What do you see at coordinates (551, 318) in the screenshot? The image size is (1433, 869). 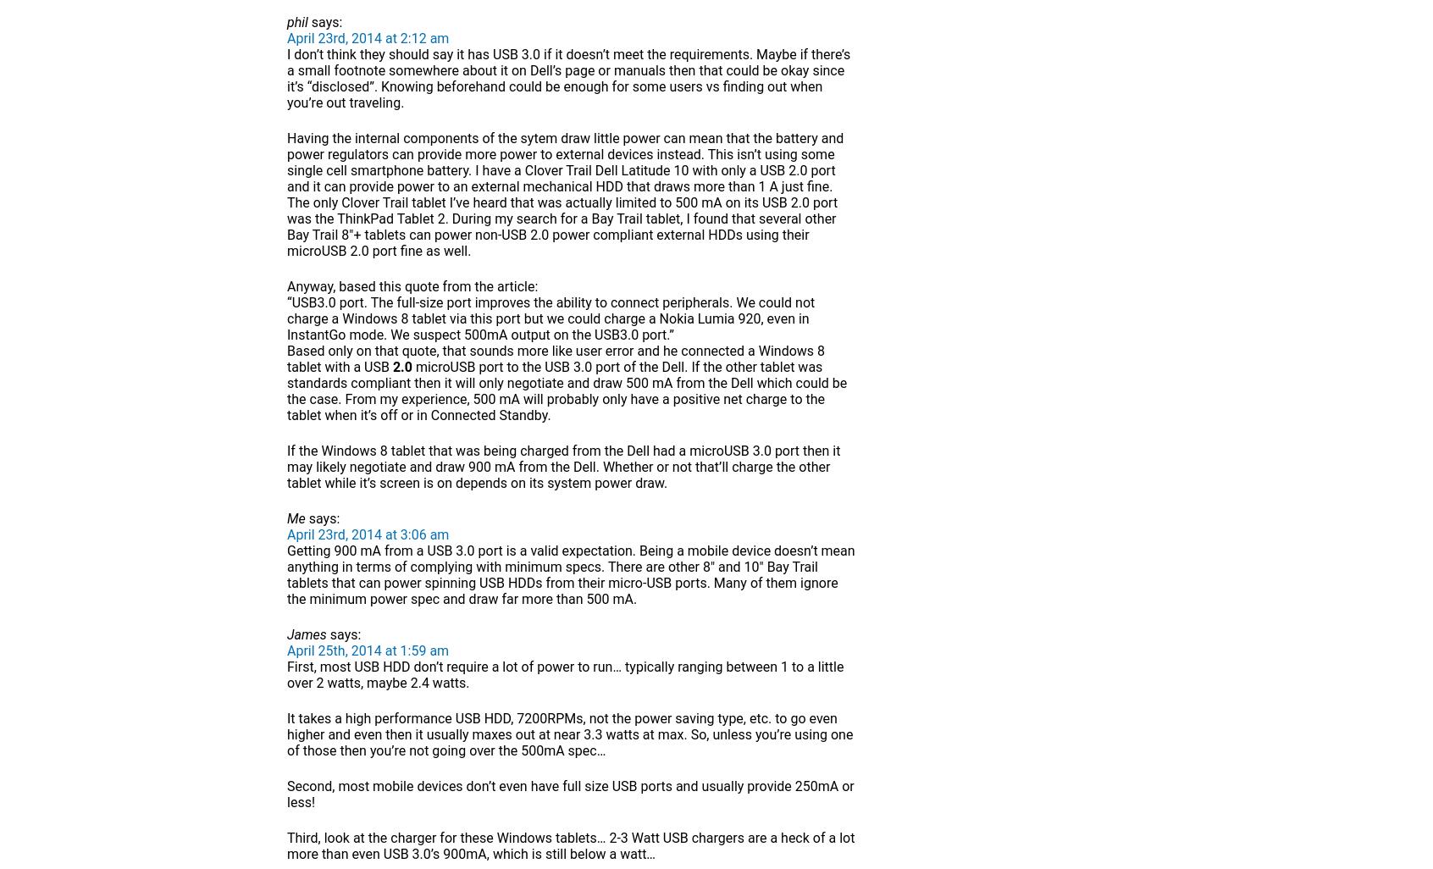 I see `'“USB3.0 port. The full-size port improves the ability to connect peripherals. We could not charge a Windows 8 tablet via this port but we could charge a Nokia Lumia 920, even in InstantGo mode. We suspect 500mA output on the USB3.0 port.”'` at bounding box center [551, 318].